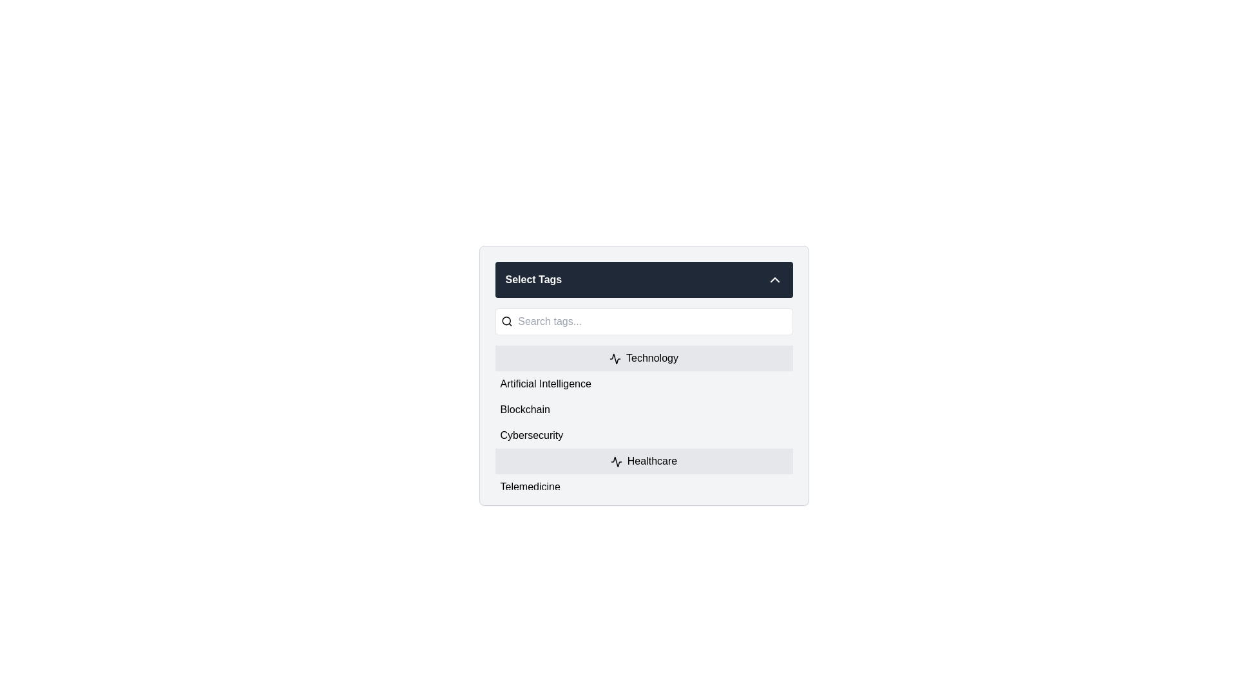 This screenshot has height=695, width=1237. I want to click on the search icon, which is represented by a magnifying glass and is located at the leftmost position inside the search bar component, so click(506, 321).